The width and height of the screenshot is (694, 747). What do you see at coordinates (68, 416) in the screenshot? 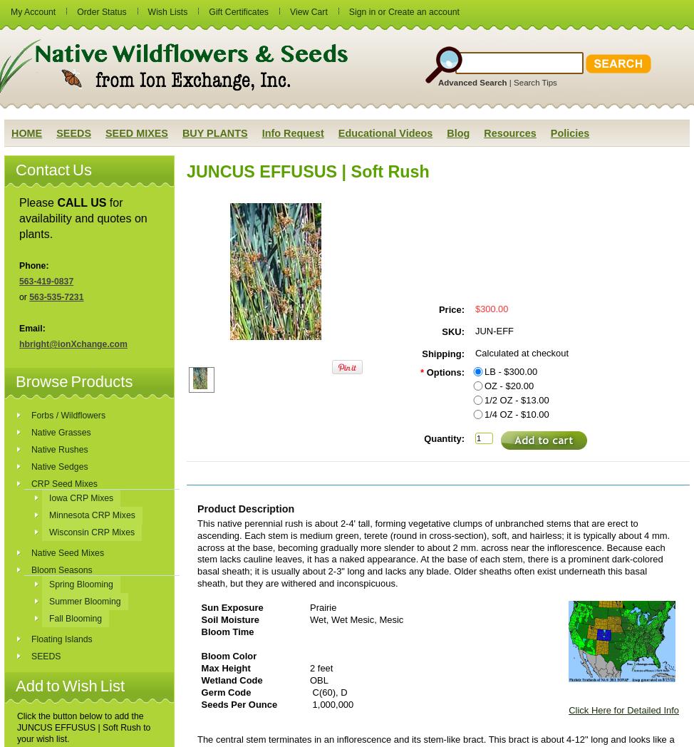
I see `'Forbs / Wildflowers'` at bounding box center [68, 416].